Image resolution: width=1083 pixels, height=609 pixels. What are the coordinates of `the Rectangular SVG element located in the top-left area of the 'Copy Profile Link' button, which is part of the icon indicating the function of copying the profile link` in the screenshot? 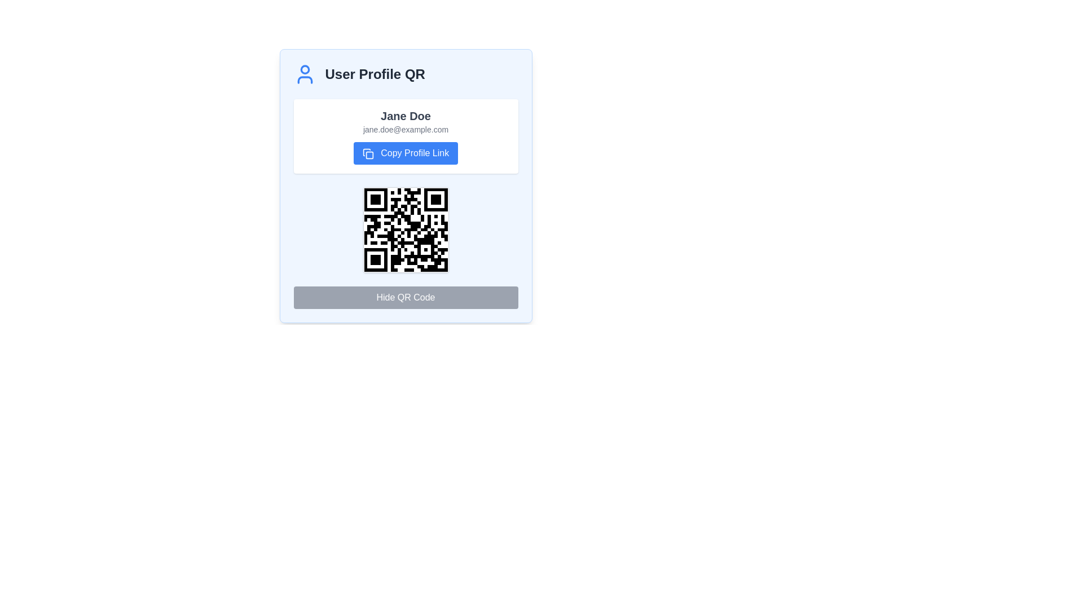 It's located at (369, 155).